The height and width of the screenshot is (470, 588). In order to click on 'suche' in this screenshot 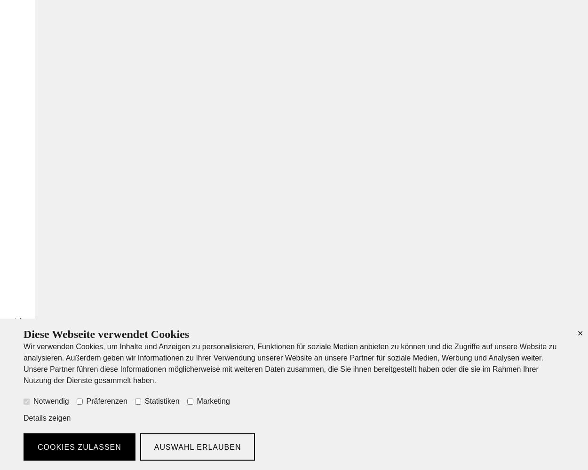, I will do `click(18, 331)`.